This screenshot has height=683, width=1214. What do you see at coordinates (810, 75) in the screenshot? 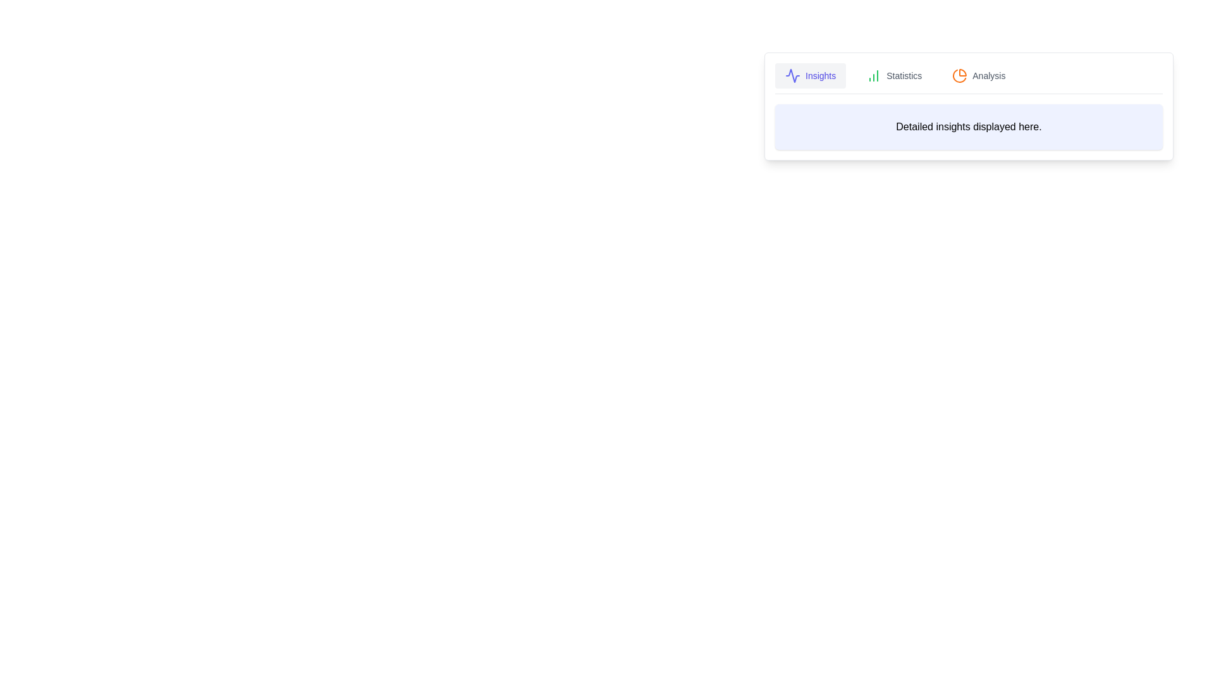
I see `the Insights tab to view its content` at bounding box center [810, 75].